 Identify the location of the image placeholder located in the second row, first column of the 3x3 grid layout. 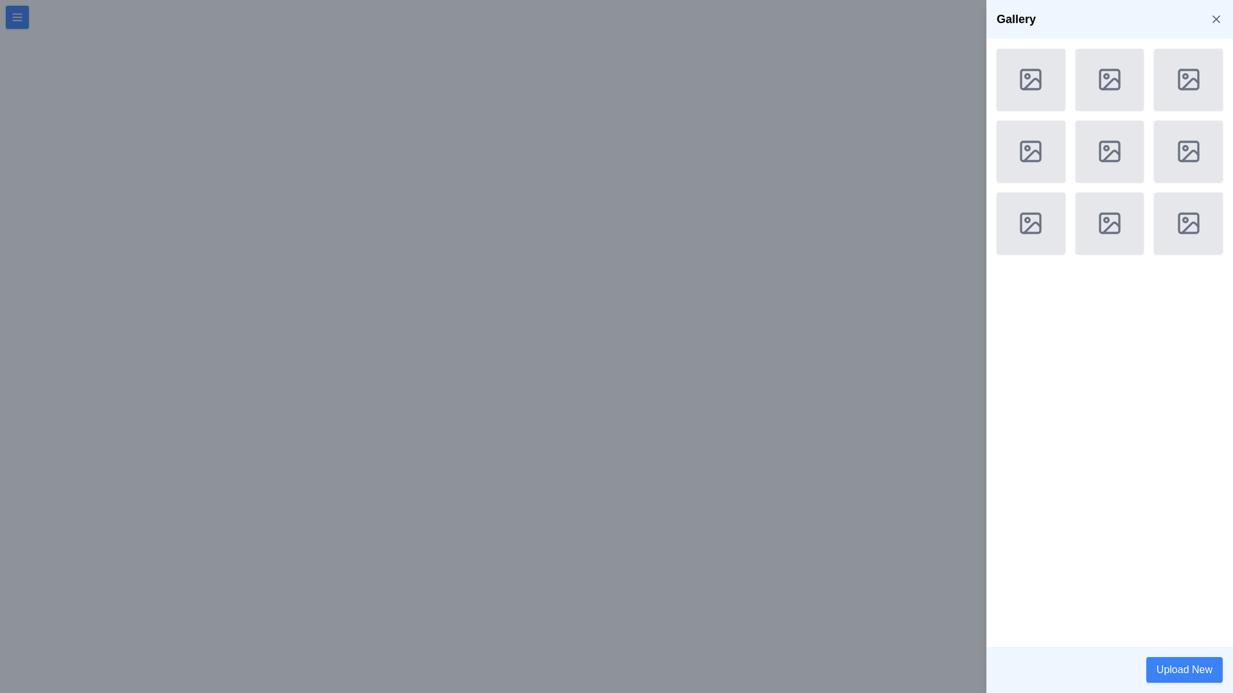
(1031, 150).